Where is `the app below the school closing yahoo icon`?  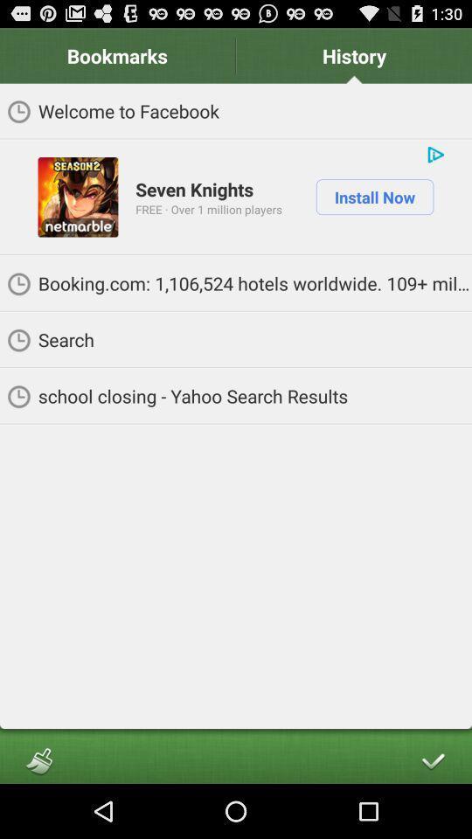
the app below the school closing yahoo icon is located at coordinates (38, 759).